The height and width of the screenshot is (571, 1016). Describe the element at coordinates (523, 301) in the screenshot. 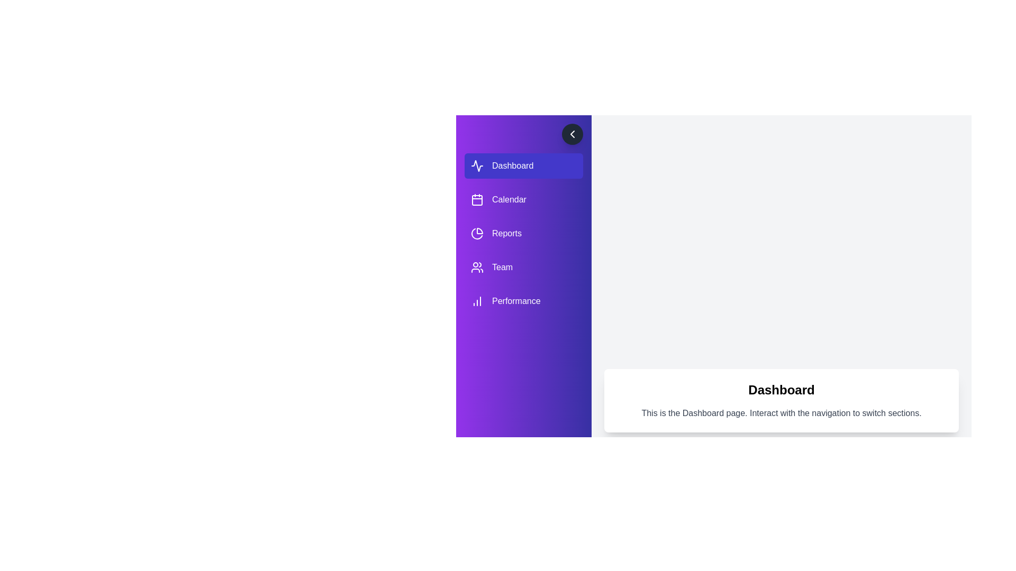

I see `the Performance tab to switch the displayed content` at that location.